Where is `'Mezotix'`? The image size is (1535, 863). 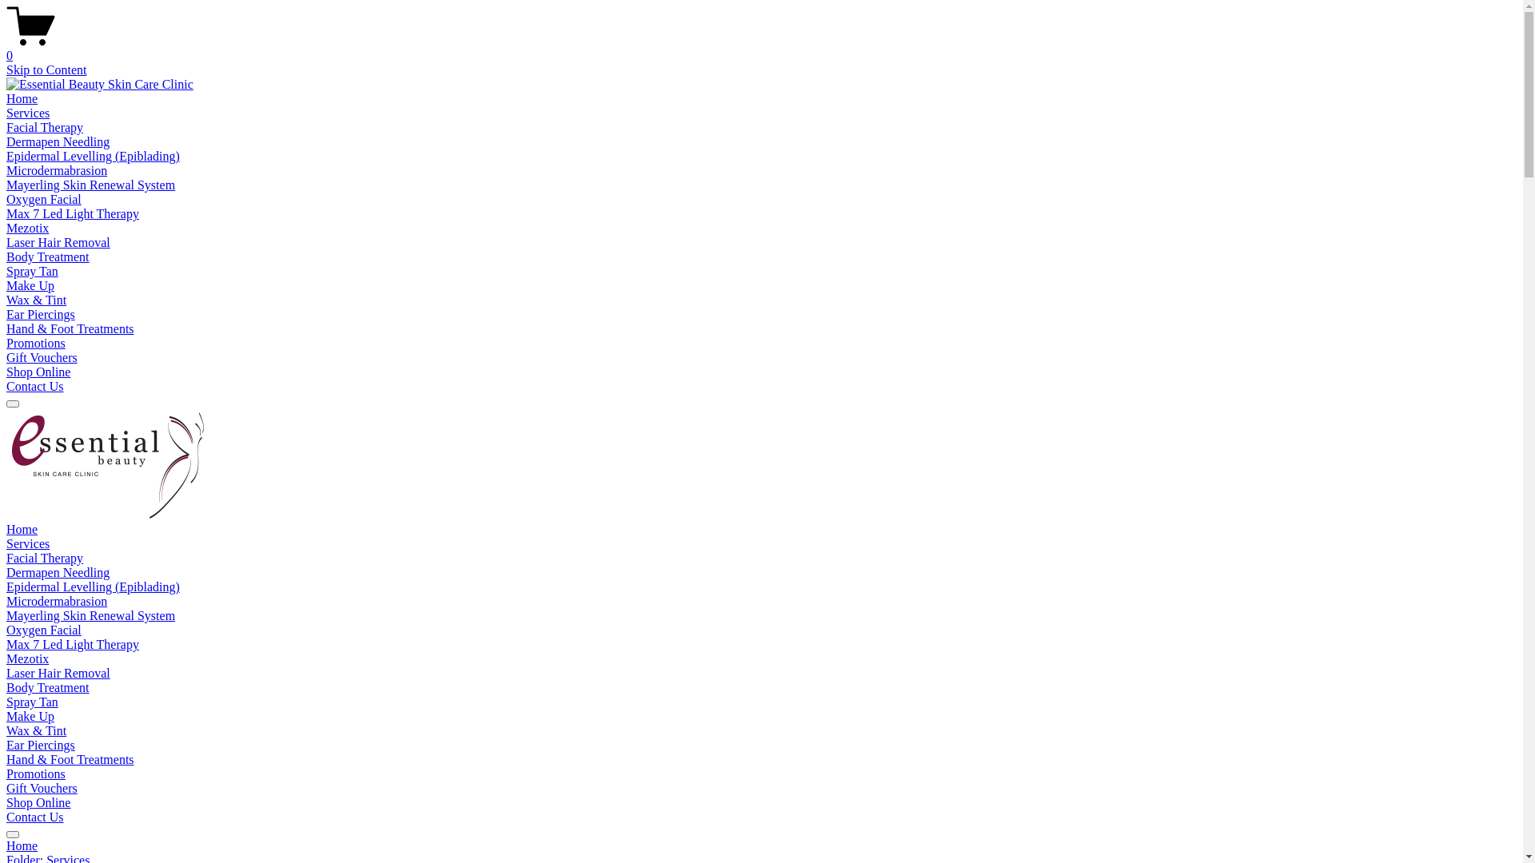 'Mezotix' is located at coordinates (27, 228).